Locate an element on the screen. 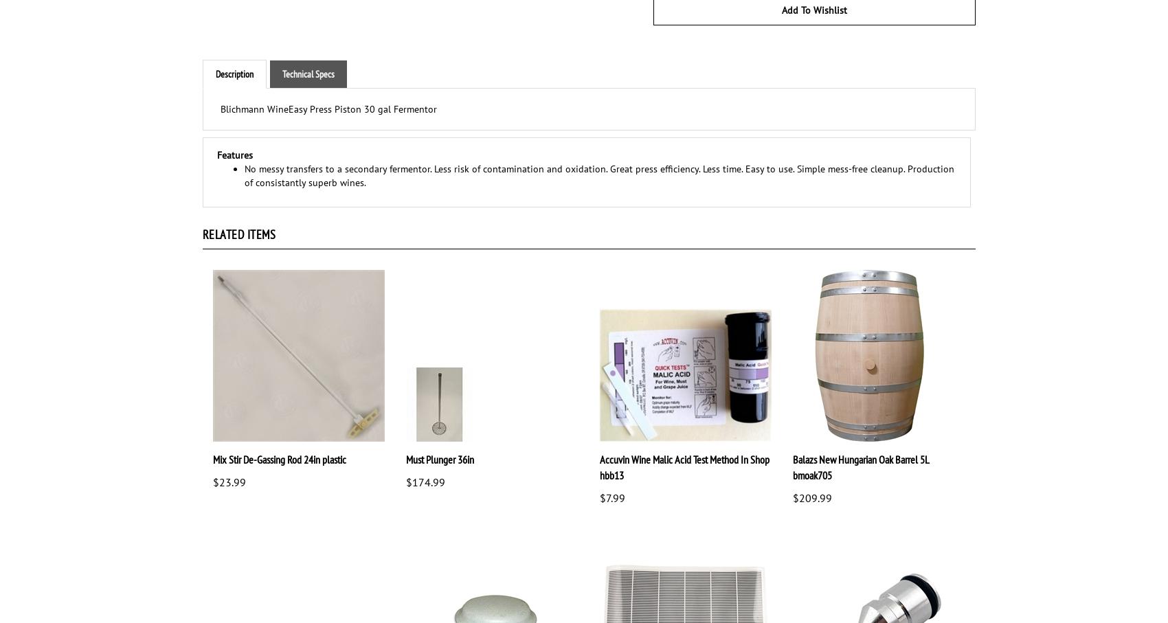  '$209.99' is located at coordinates (811, 497).